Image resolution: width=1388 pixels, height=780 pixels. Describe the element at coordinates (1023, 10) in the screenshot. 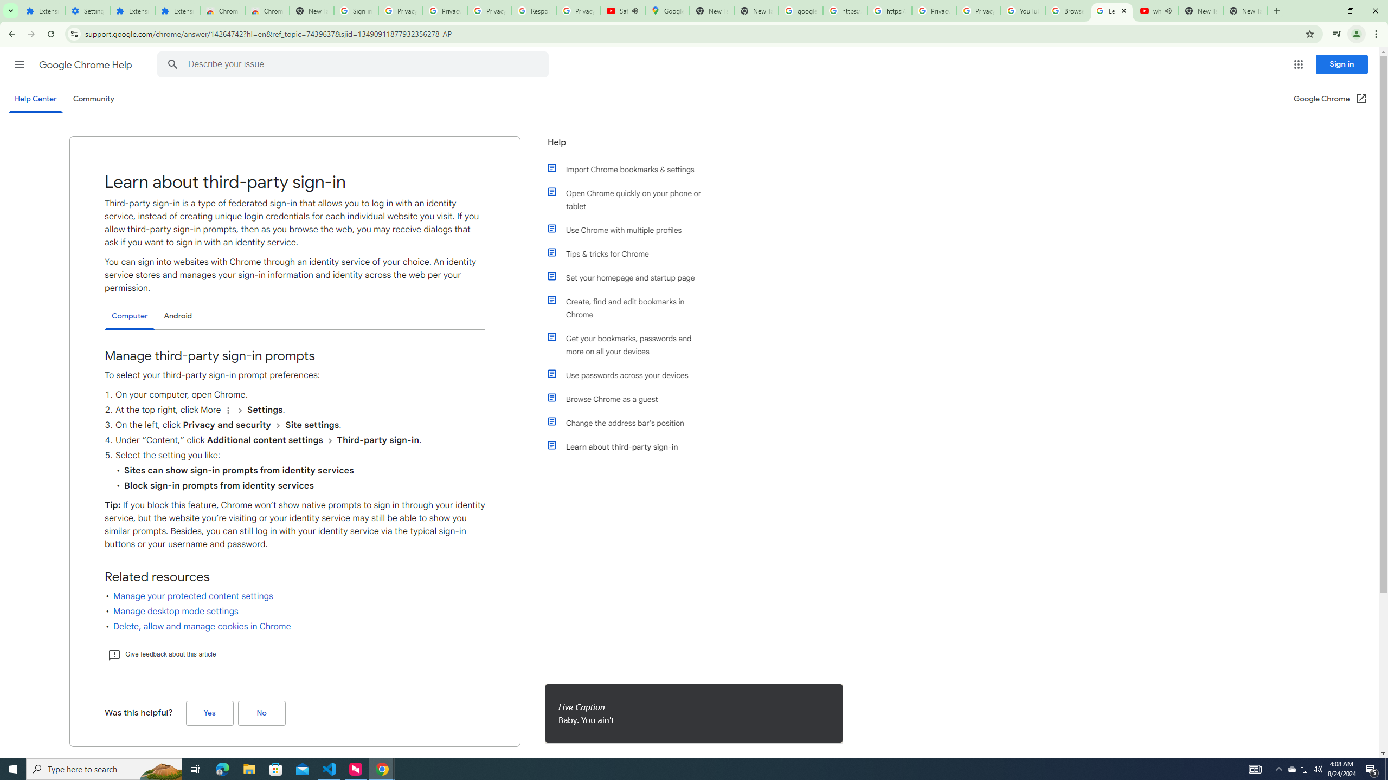

I see `'YouTube'` at that location.